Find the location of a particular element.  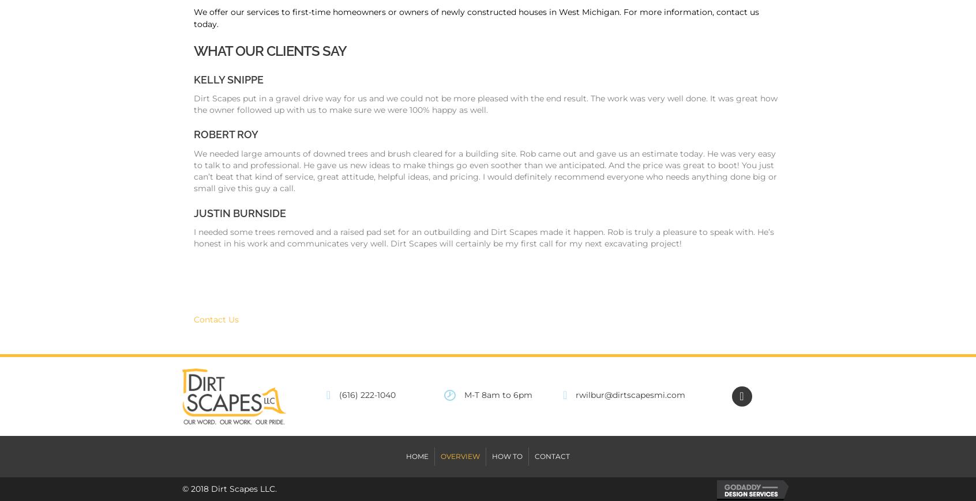

'M-T 8am to 6pm' is located at coordinates (464, 394).